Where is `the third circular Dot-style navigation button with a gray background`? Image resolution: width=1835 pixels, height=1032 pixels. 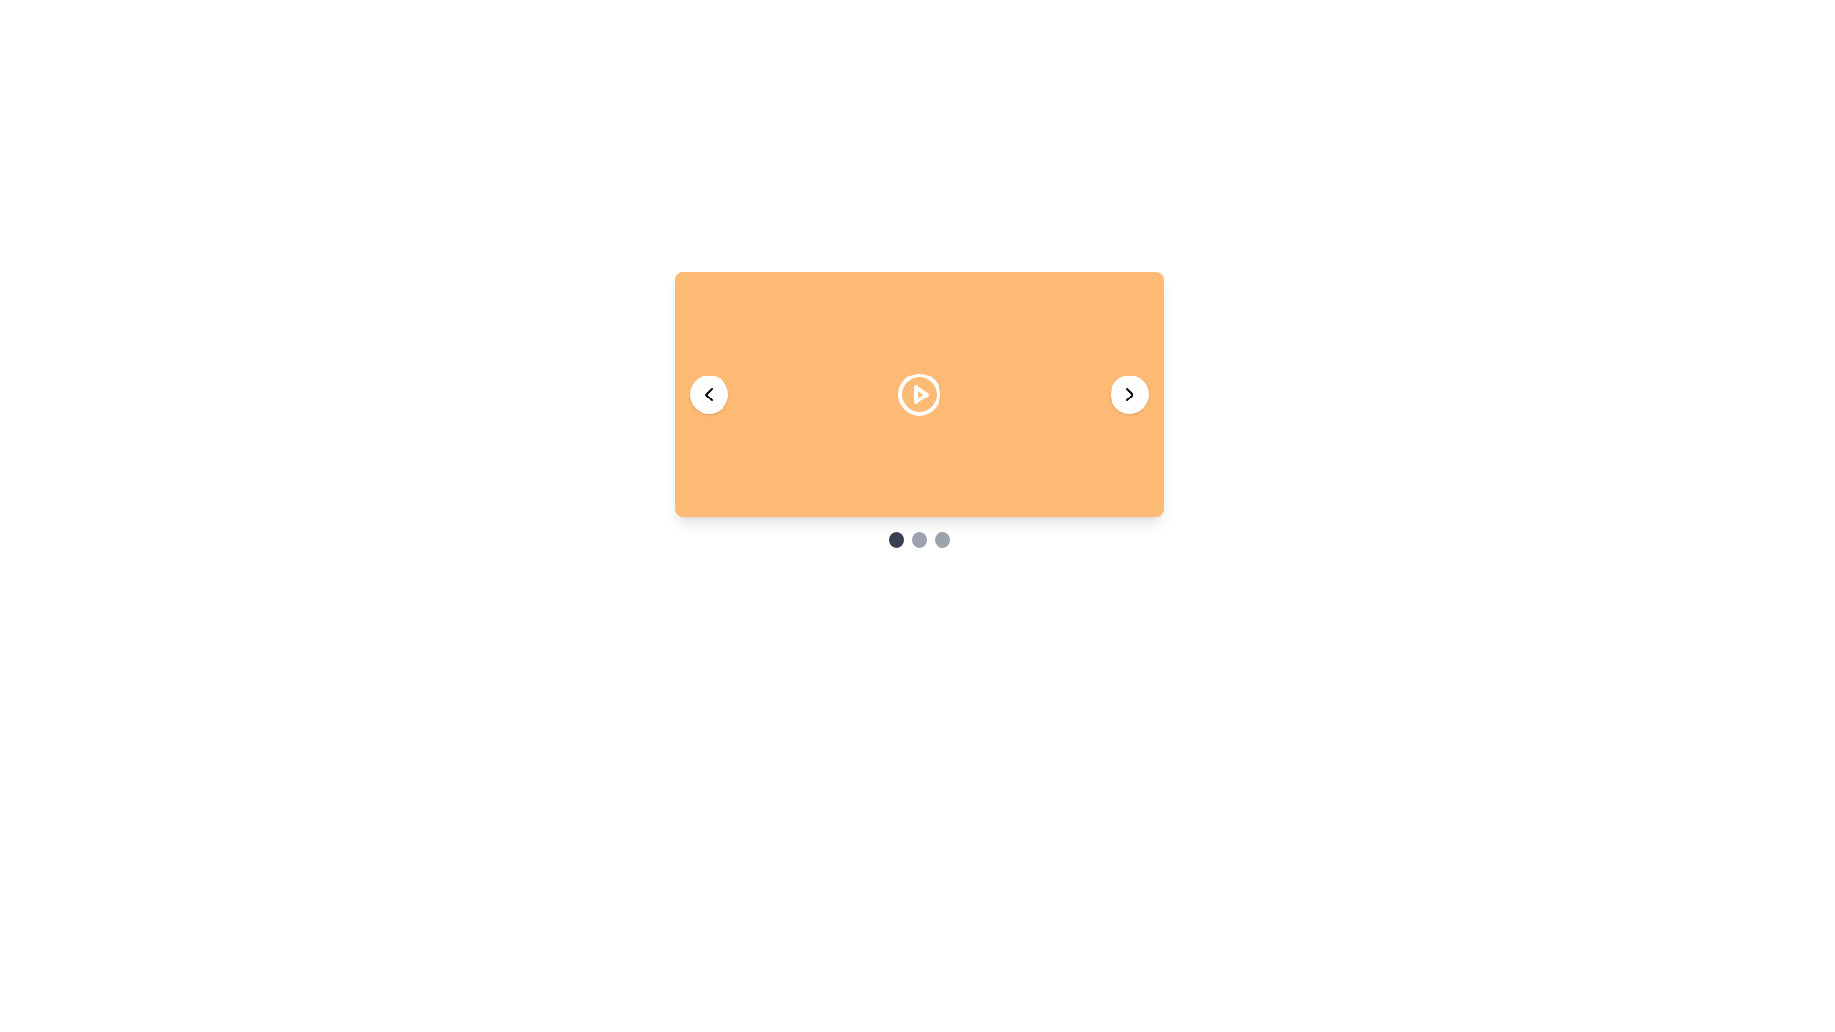 the third circular Dot-style navigation button with a gray background is located at coordinates (941, 539).